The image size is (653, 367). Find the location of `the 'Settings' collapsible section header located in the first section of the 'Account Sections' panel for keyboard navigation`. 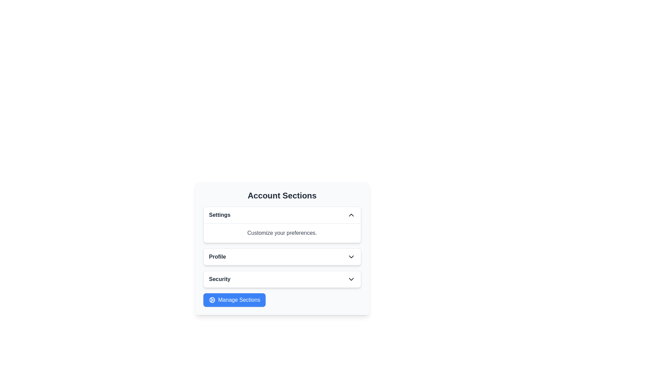

the 'Settings' collapsible section header located in the first section of the 'Account Sections' panel for keyboard navigation is located at coordinates (282, 215).